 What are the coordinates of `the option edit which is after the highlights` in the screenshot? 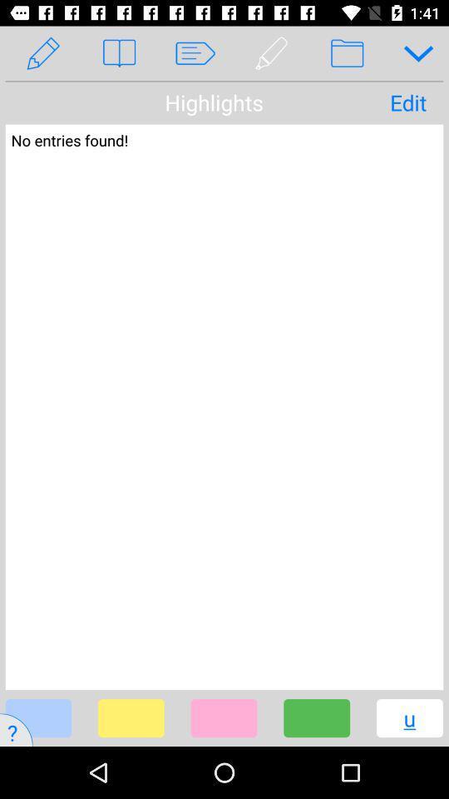 It's located at (407, 102).